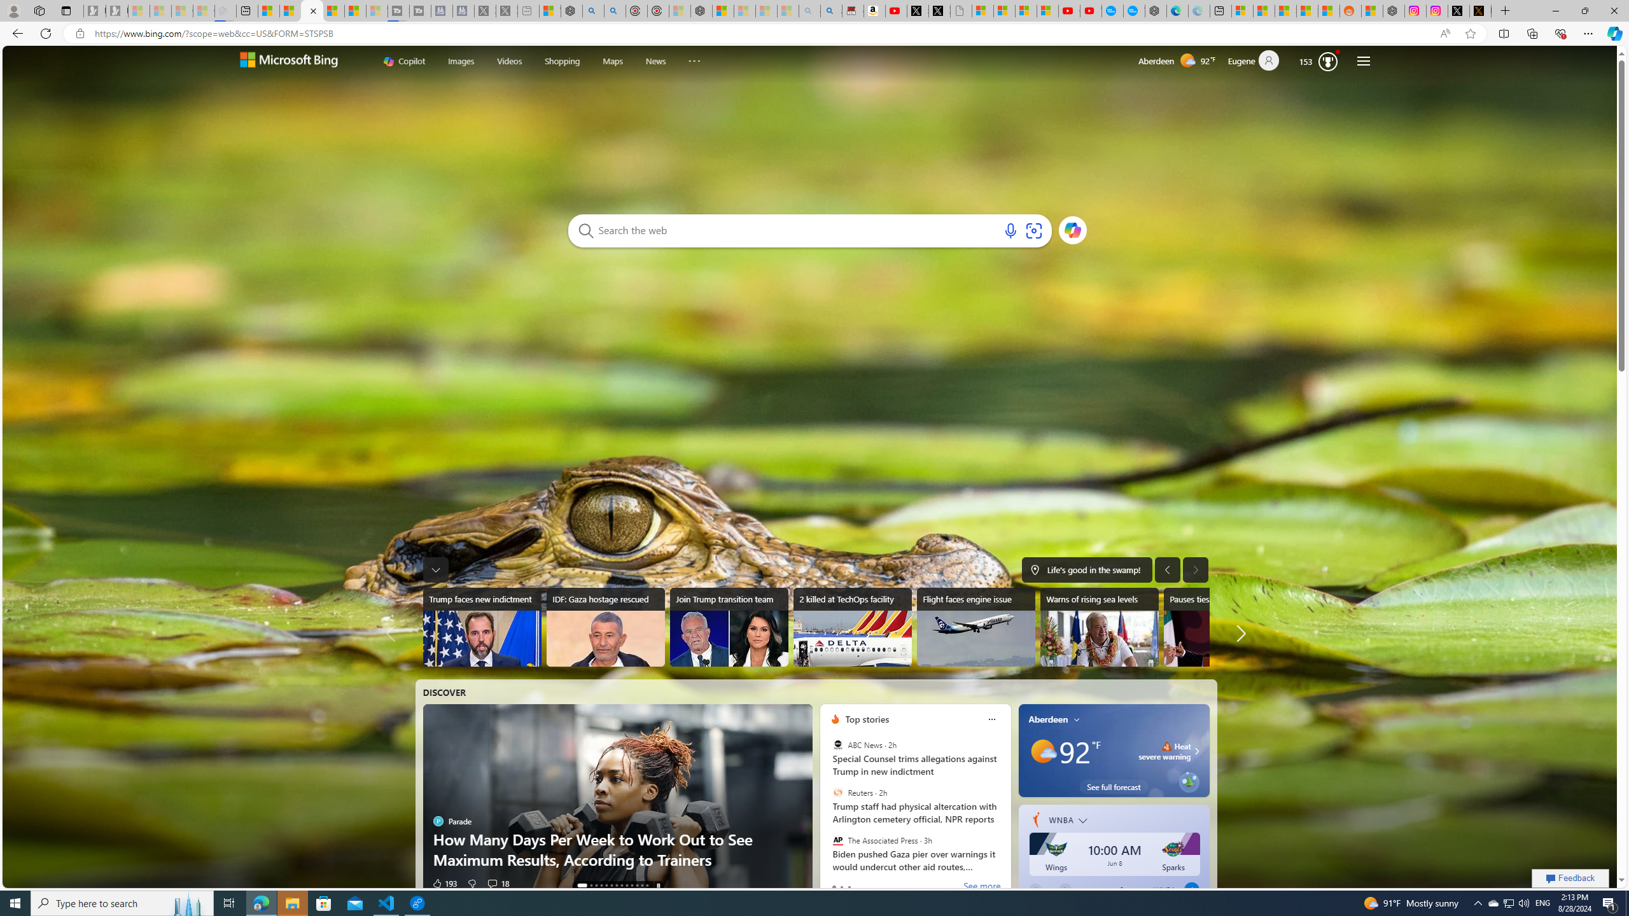  I want to click on 'tab-1', so click(841, 887).